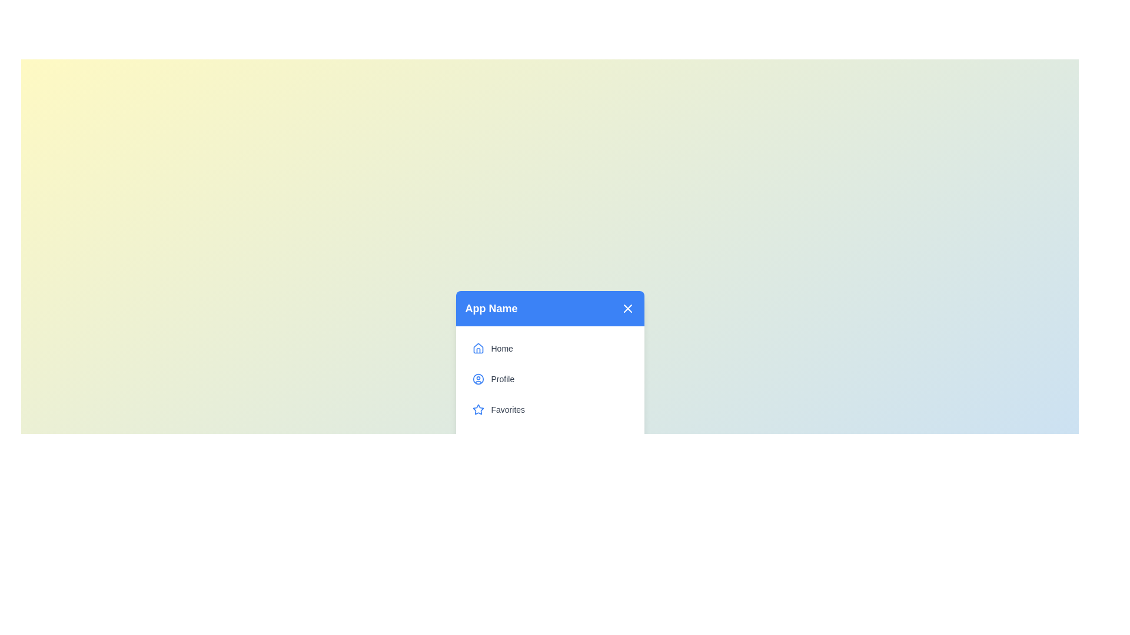  What do you see at coordinates (549, 379) in the screenshot?
I see `the menu item labeled Profile to trigger its associated action` at bounding box center [549, 379].